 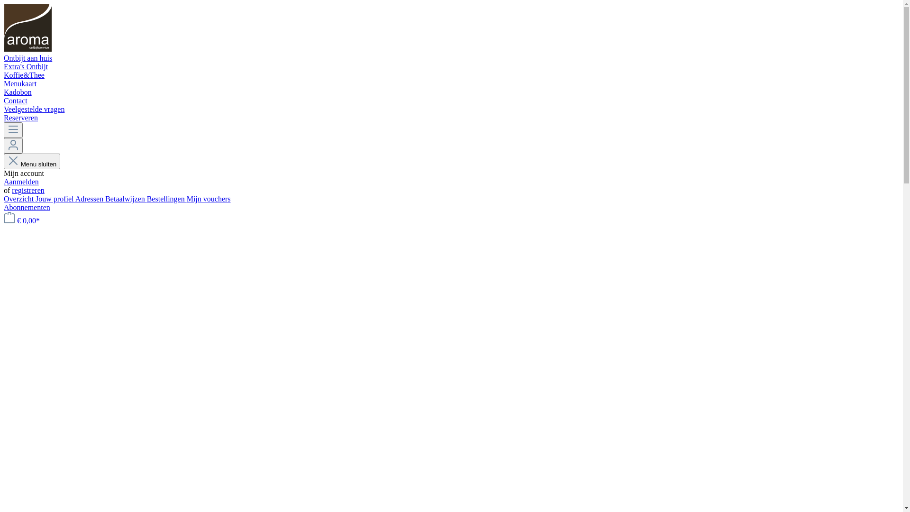 What do you see at coordinates (27, 190) in the screenshot?
I see `'registreren'` at bounding box center [27, 190].